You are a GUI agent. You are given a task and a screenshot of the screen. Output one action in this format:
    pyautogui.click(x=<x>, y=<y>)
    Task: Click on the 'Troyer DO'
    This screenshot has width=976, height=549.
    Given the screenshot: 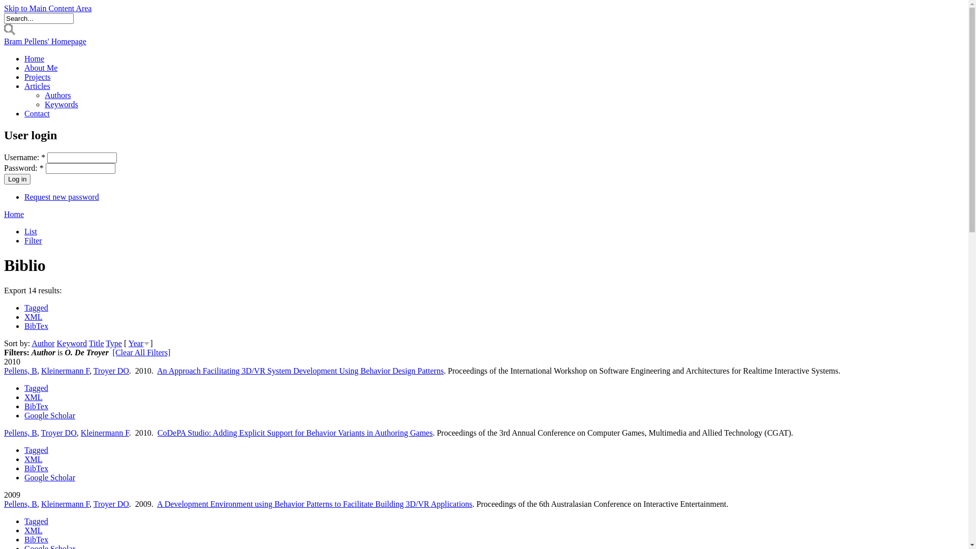 What is the action you would take?
    pyautogui.click(x=111, y=504)
    